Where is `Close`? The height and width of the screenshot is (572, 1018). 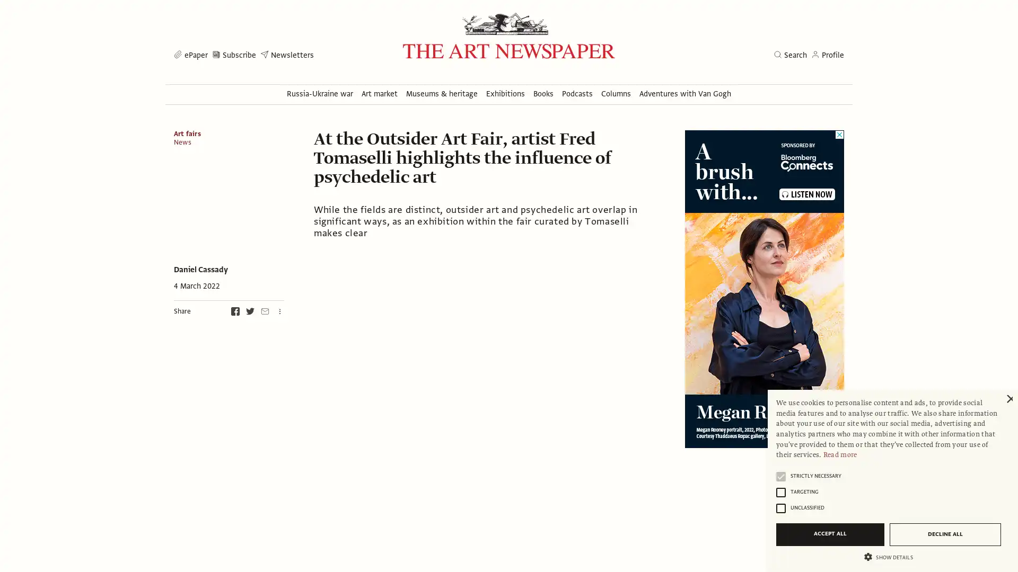
Close is located at coordinates (1008, 399).